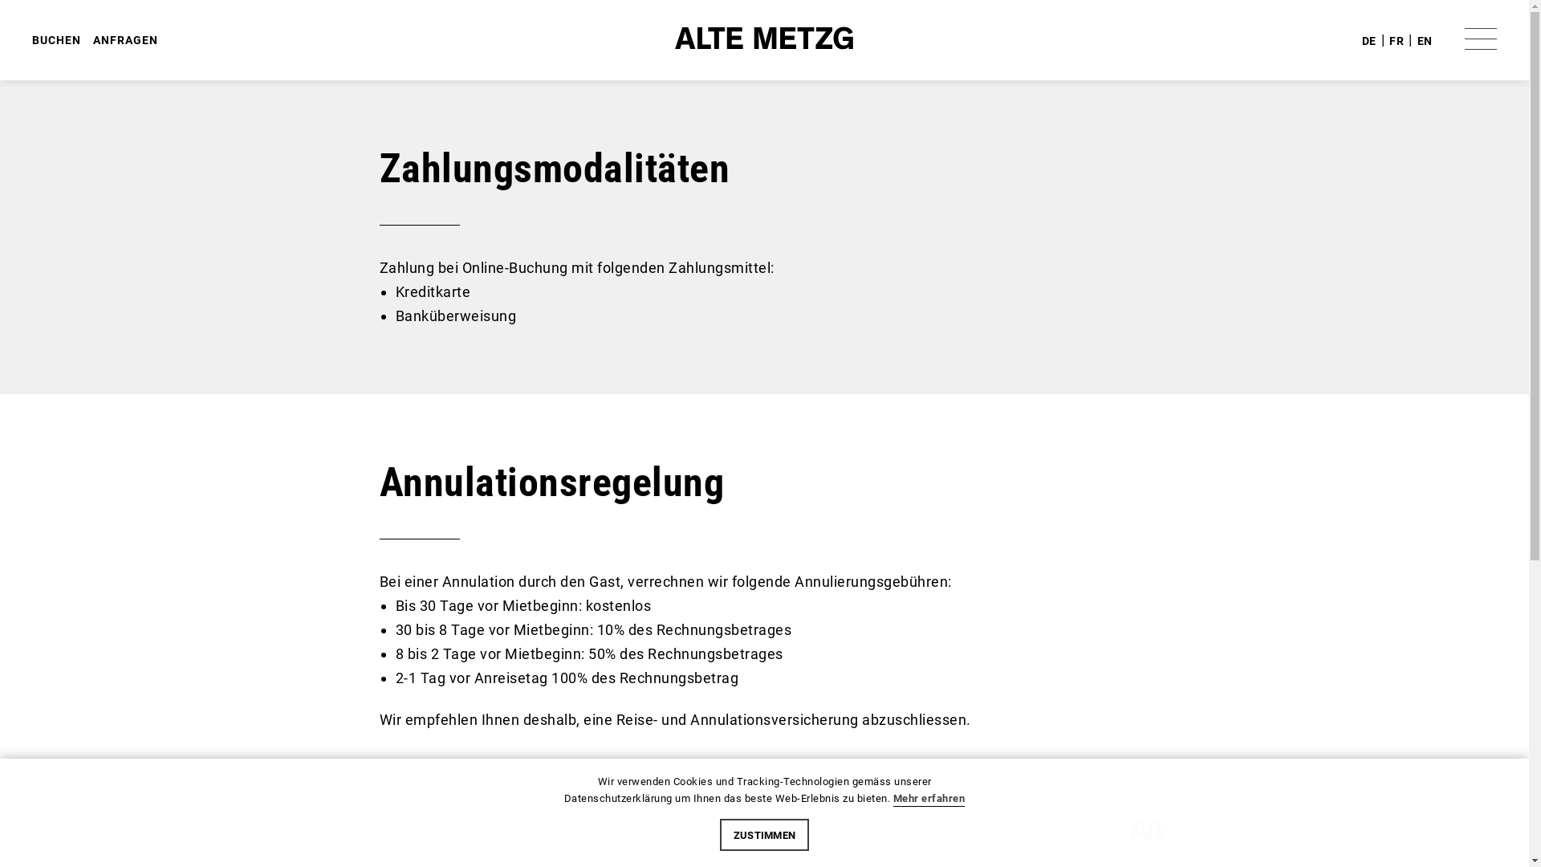 The width and height of the screenshot is (1541, 867). I want to click on 'FR', so click(1389, 39).